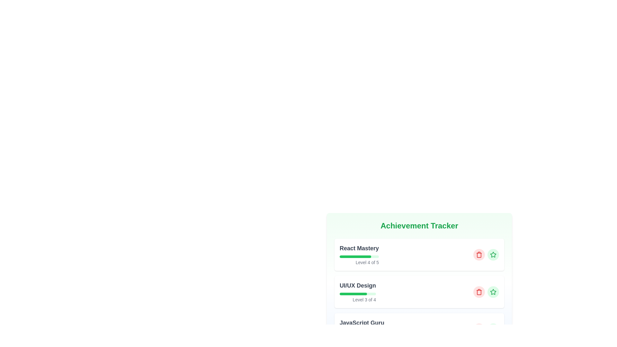 The width and height of the screenshot is (617, 347). I want to click on the progress bar representing the completion level of 'React Mastery', which shows 80% completion and is located below the 'React Mastery' text and above the 'Level 4 of 5' text, so click(359, 256).